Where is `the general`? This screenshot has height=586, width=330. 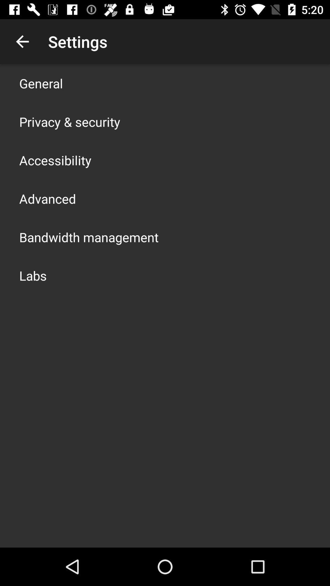
the general is located at coordinates (41, 83).